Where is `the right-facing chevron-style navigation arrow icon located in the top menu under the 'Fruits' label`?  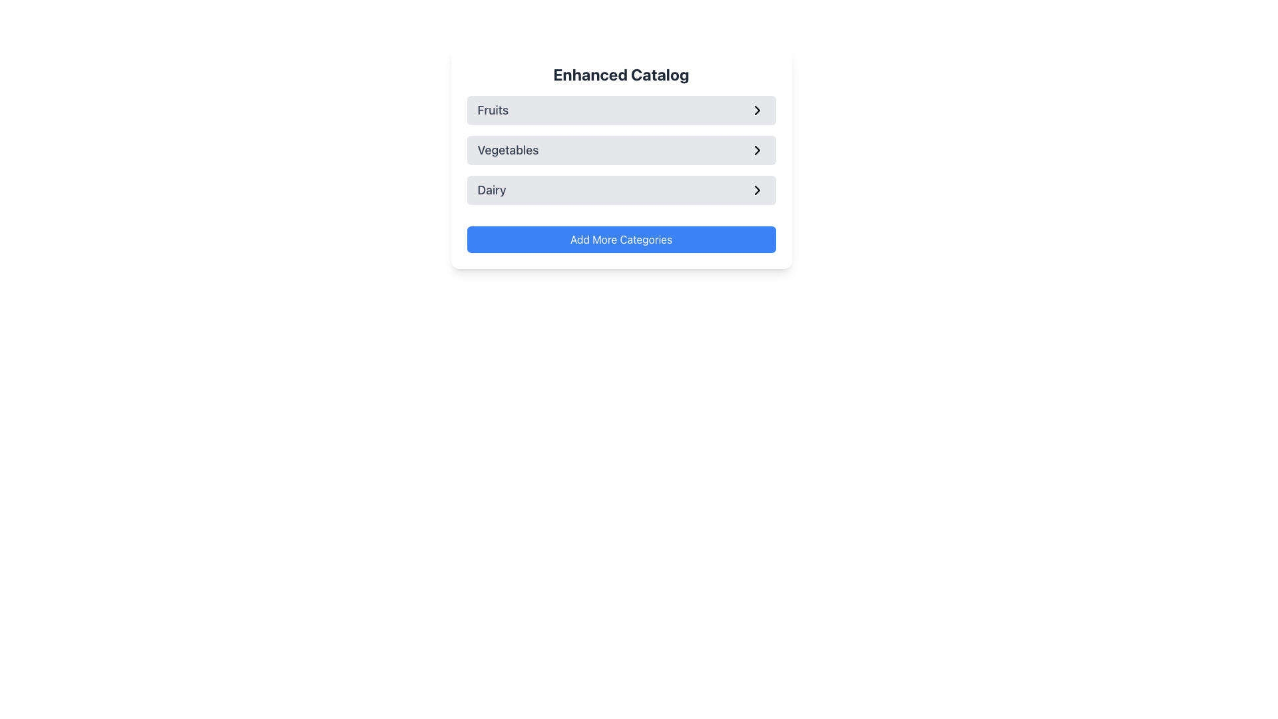
the right-facing chevron-style navigation arrow icon located in the top menu under the 'Fruits' label is located at coordinates (757, 109).